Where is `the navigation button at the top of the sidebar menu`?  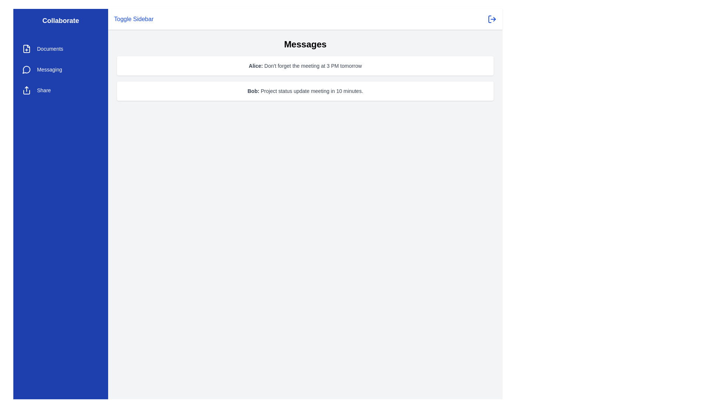 the navigation button at the top of the sidebar menu is located at coordinates (60, 49).